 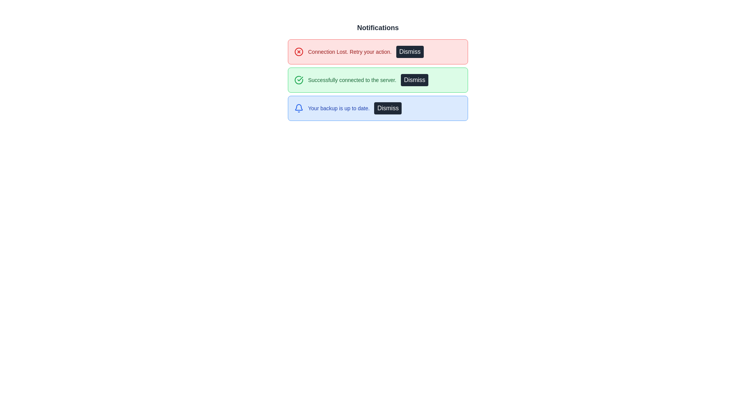 I want to click on the green checkmark icon indicating a successful status in the second notification block, located between the success message text and the Dismiss button, so click(x=300, y=79).